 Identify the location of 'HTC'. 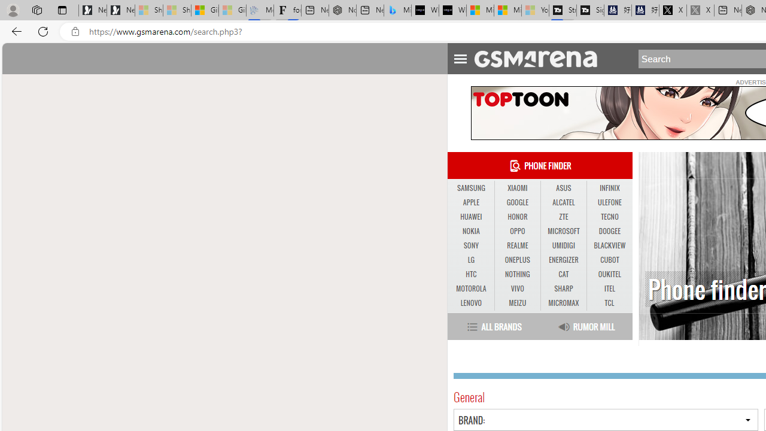
(470, 274).